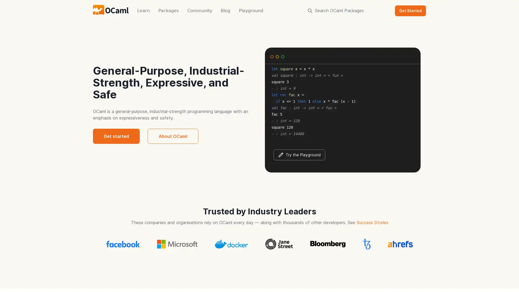  I want to click on About OCaml, so click(172, 136).